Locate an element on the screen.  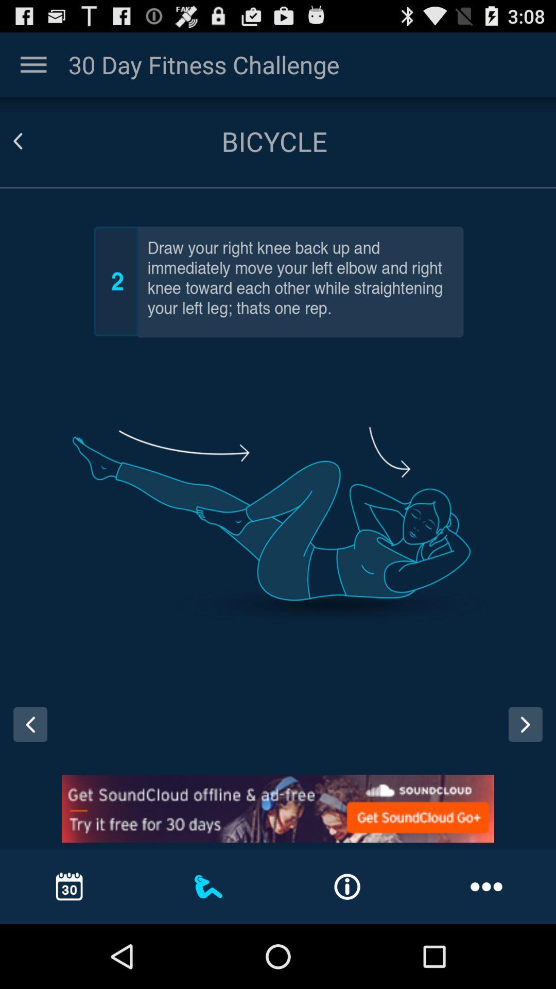
goto back is located at coordinates (30, 141).